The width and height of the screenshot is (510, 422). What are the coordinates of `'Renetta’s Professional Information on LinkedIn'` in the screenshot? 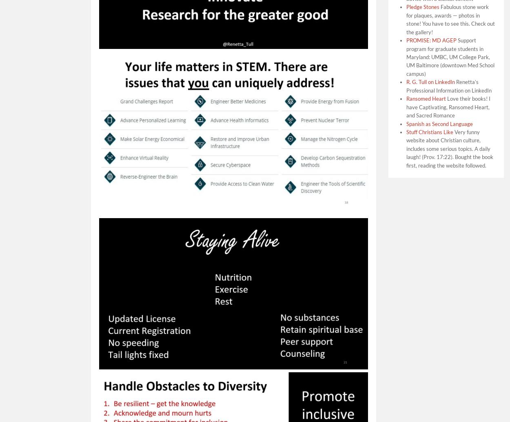 It's located at (448, 86).